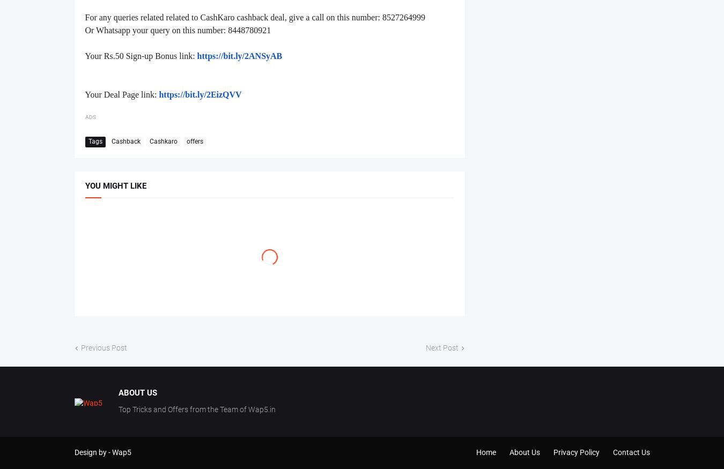  I want to click on 'Your Deal Page link:', so click(121, 93).